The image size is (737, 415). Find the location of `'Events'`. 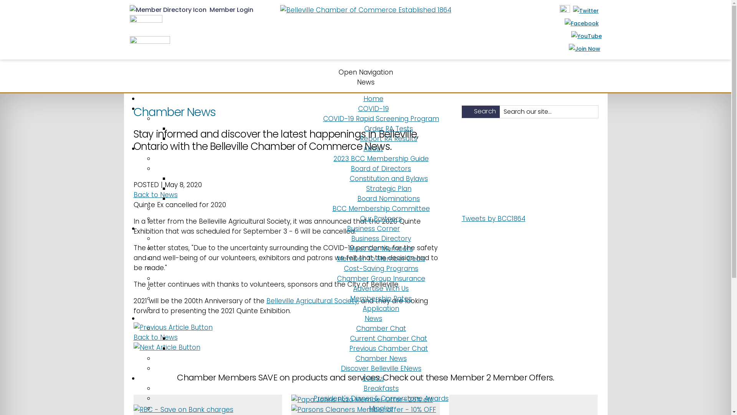

'Events' is located at coordinates (373, 378).